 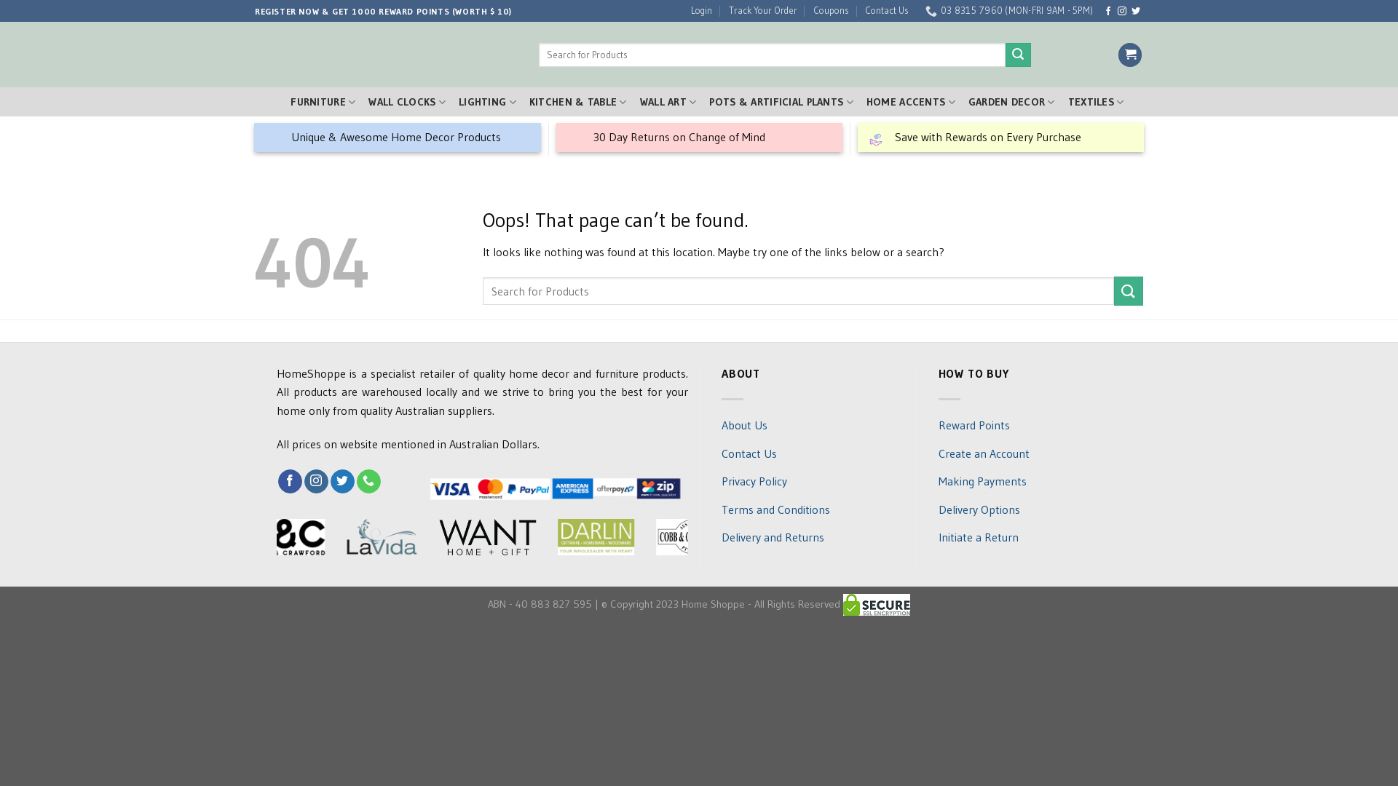 What do you see at coordinates (662, 101) in the screenshot?
I see `'WALL ART'` at bounding box center [662, 101].